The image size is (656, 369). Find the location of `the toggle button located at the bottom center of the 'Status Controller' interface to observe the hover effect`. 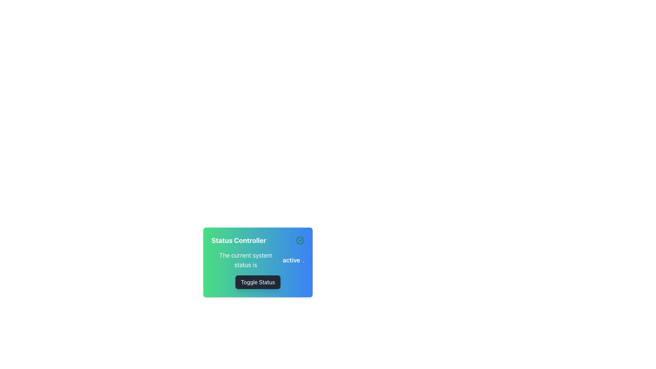

the toggle button located at the bottom center of the 'Status Controller' interface to observe the hover effect is located at coordinates (257, 282).